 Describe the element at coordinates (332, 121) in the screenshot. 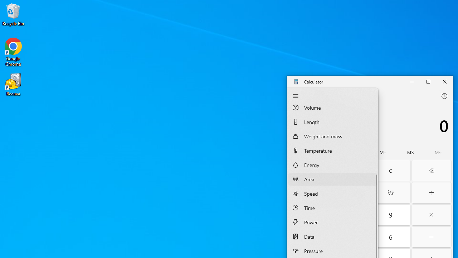

I see `'Length Converter'` at that location.